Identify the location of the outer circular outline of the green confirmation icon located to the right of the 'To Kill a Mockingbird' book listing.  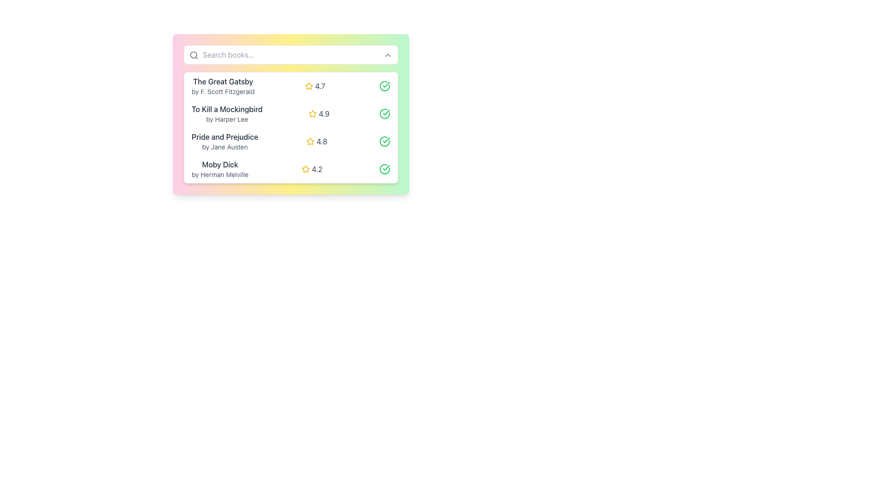
(384, 113).